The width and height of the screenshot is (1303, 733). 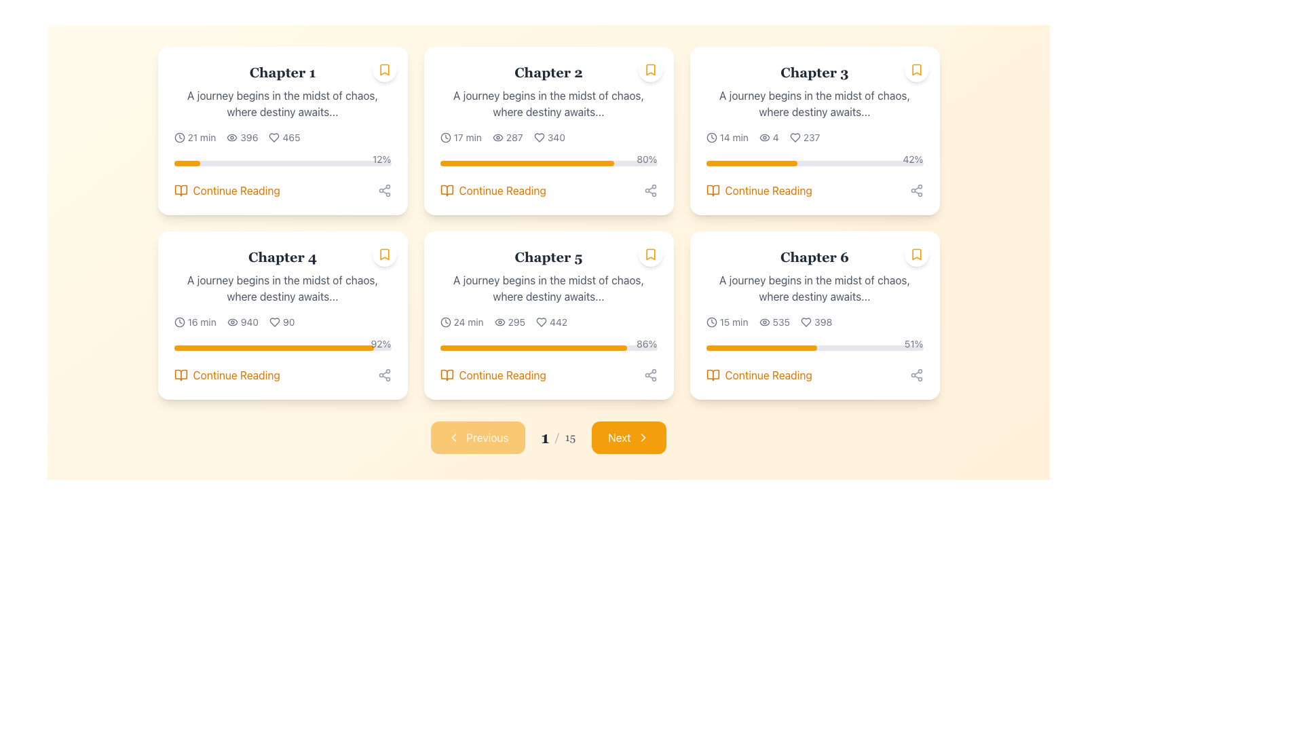 I want to click on the bright amber progress indicator located in the Chapter 1 section's progress bar on the top-left of the layout, so click(x=186, y=162).